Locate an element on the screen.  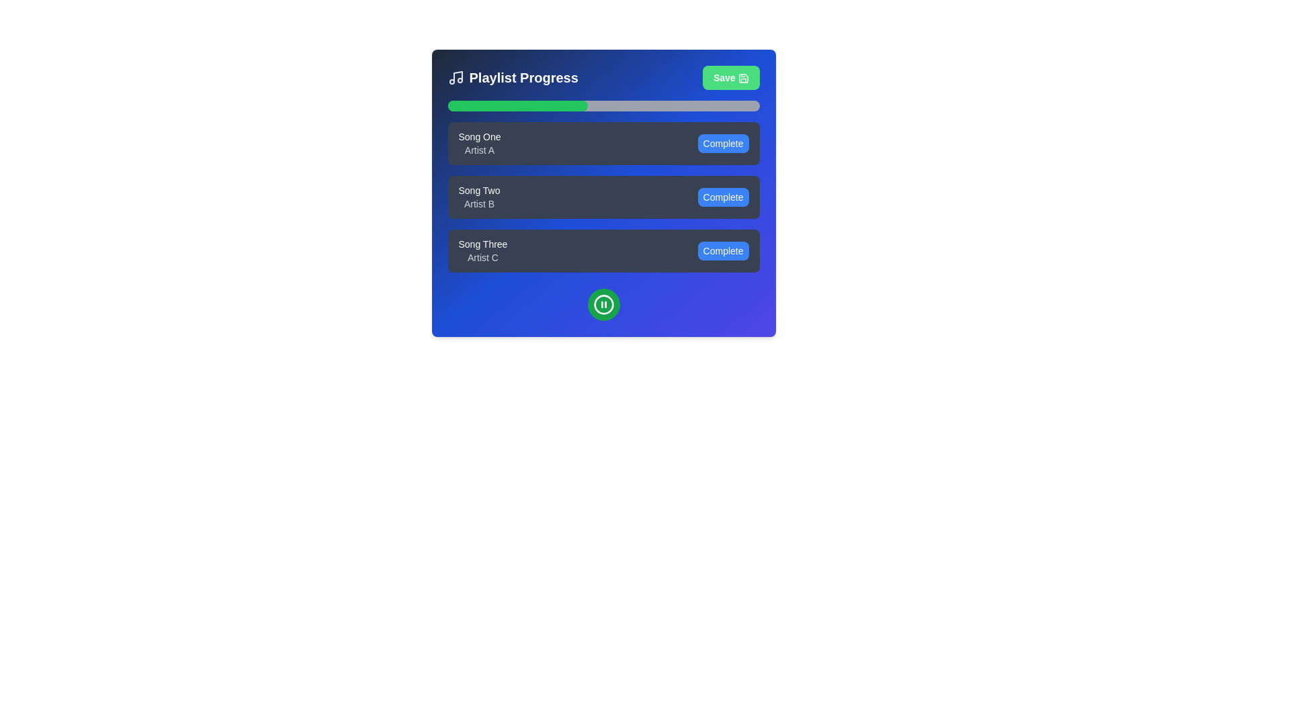
the 'Complete' button, which is a rectangular button with a blue background and bold white text, located in the top-right section of the interface for 'Song One' by 'Artist A' is located at coordinates (722, 143).